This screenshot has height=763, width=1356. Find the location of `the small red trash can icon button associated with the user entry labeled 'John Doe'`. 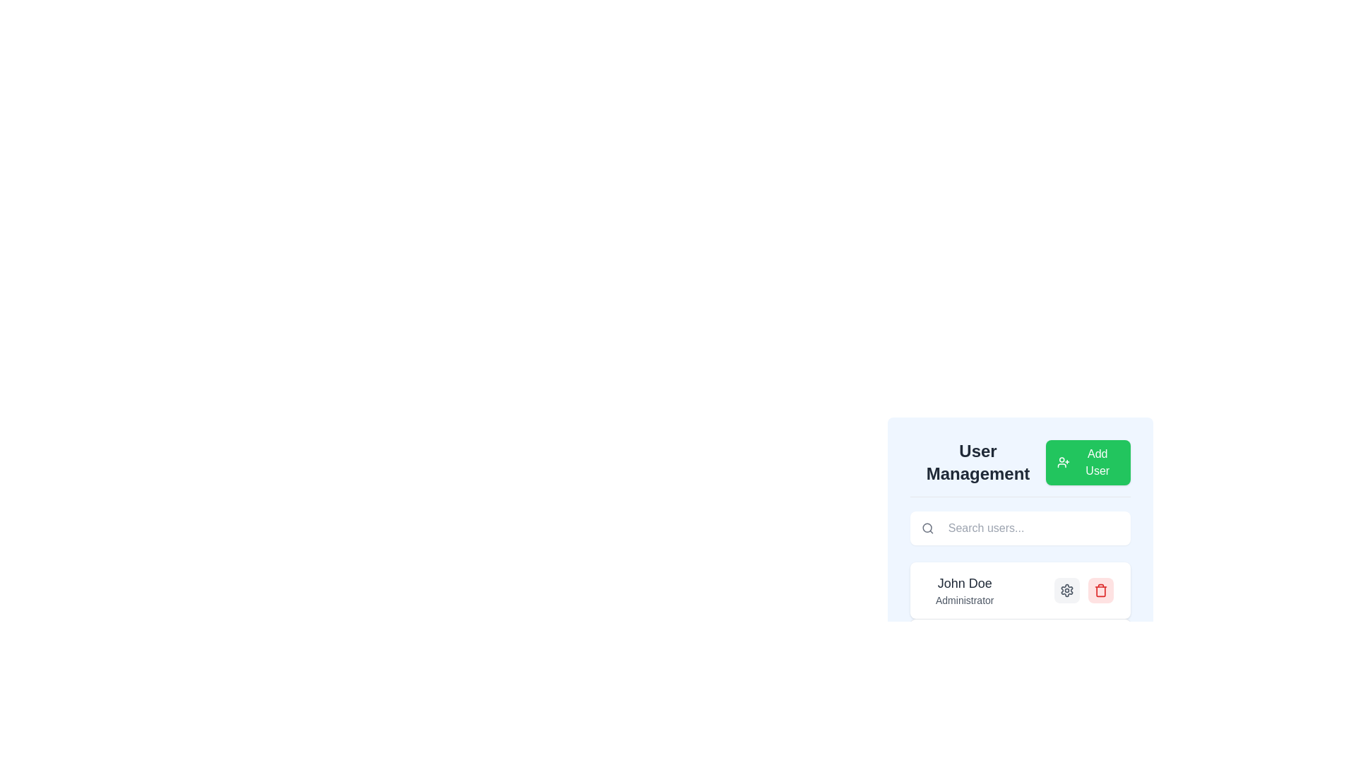

the small red trash can icon button associated with the user entry labeled 'John Doe' is located at coordinates (1100, 591).